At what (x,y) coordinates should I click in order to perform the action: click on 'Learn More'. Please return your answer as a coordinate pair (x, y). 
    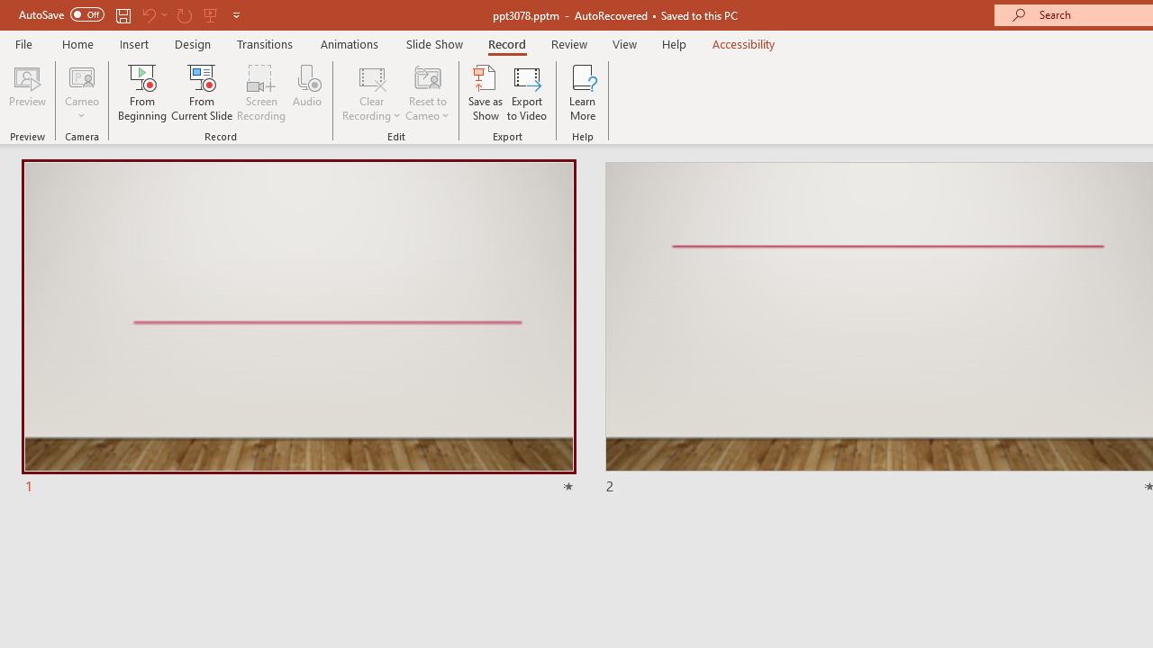
    Looking at the image, I should click on (583, 93).